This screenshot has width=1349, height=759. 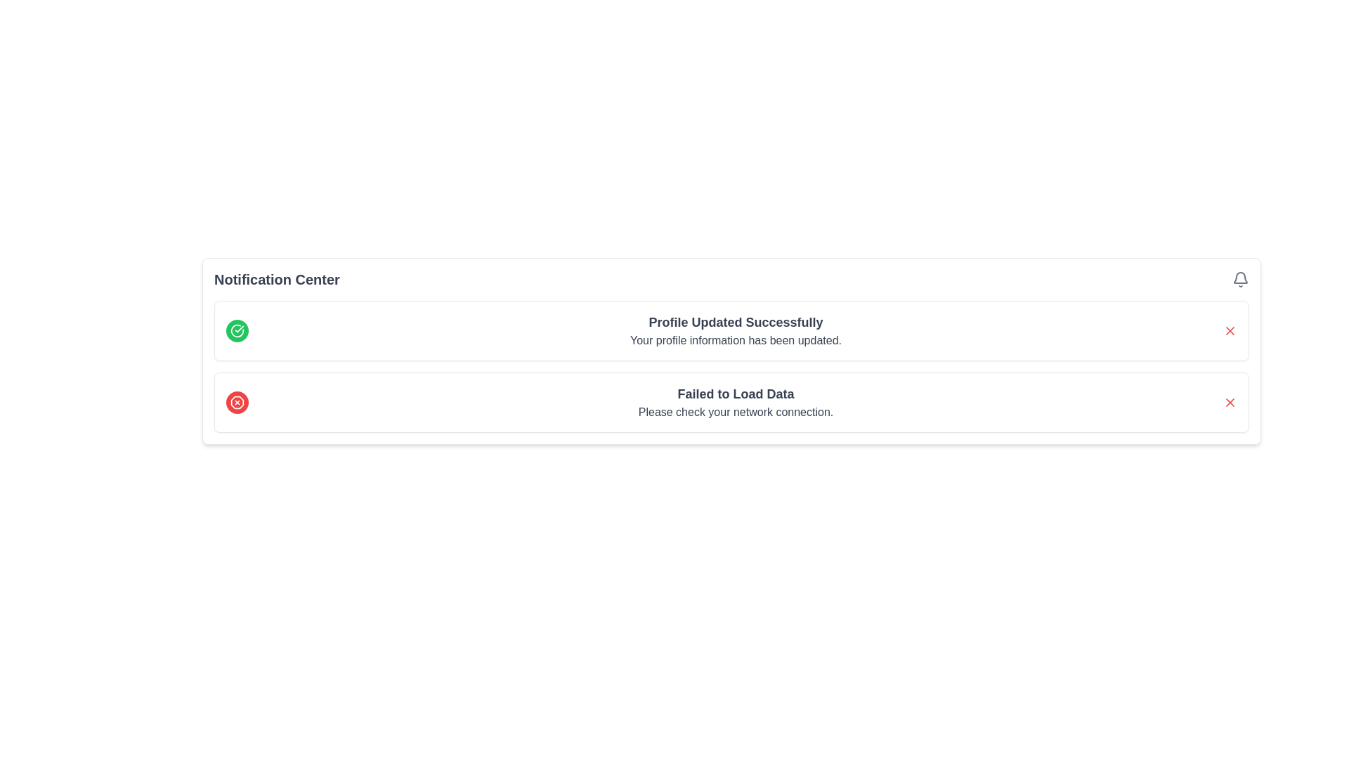 What do you see at coordinates (735, 341) in the screenshot?
I see `the text display element that confirms the successful update of profile information, located below the 'Profile Updated Successfully' header in the notification card` at bounding box center [735, 341].